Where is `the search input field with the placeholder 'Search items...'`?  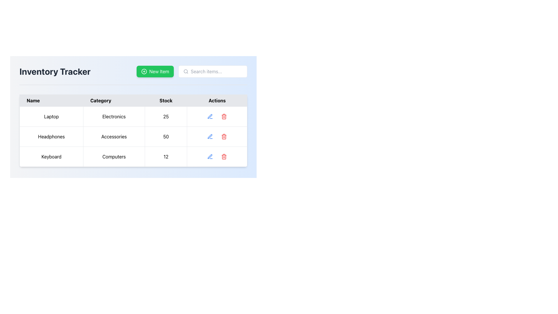 the search input field with the placeholder 'Search items...' is located at coordinates (216, 71).